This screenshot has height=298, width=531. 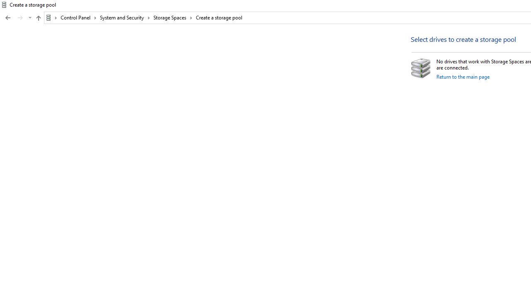 I want to click on 'Create a storage pool', so click(x=219, y=17).